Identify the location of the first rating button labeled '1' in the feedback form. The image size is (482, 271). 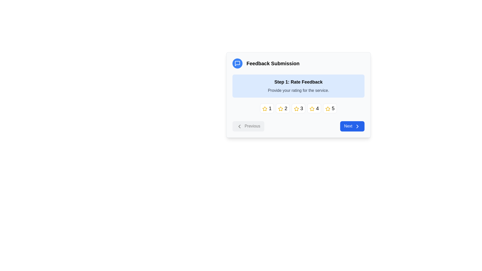
(267, 108).